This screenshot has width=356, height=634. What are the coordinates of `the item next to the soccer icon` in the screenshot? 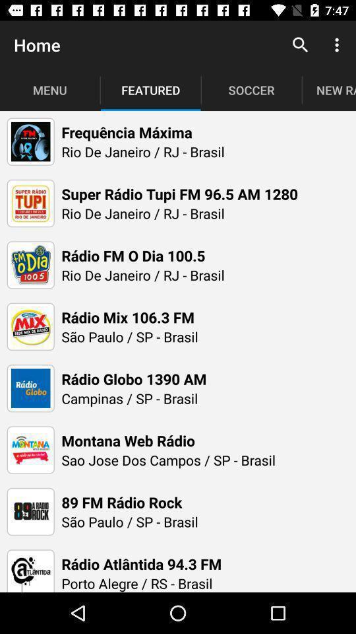 It's located at (300, 45).